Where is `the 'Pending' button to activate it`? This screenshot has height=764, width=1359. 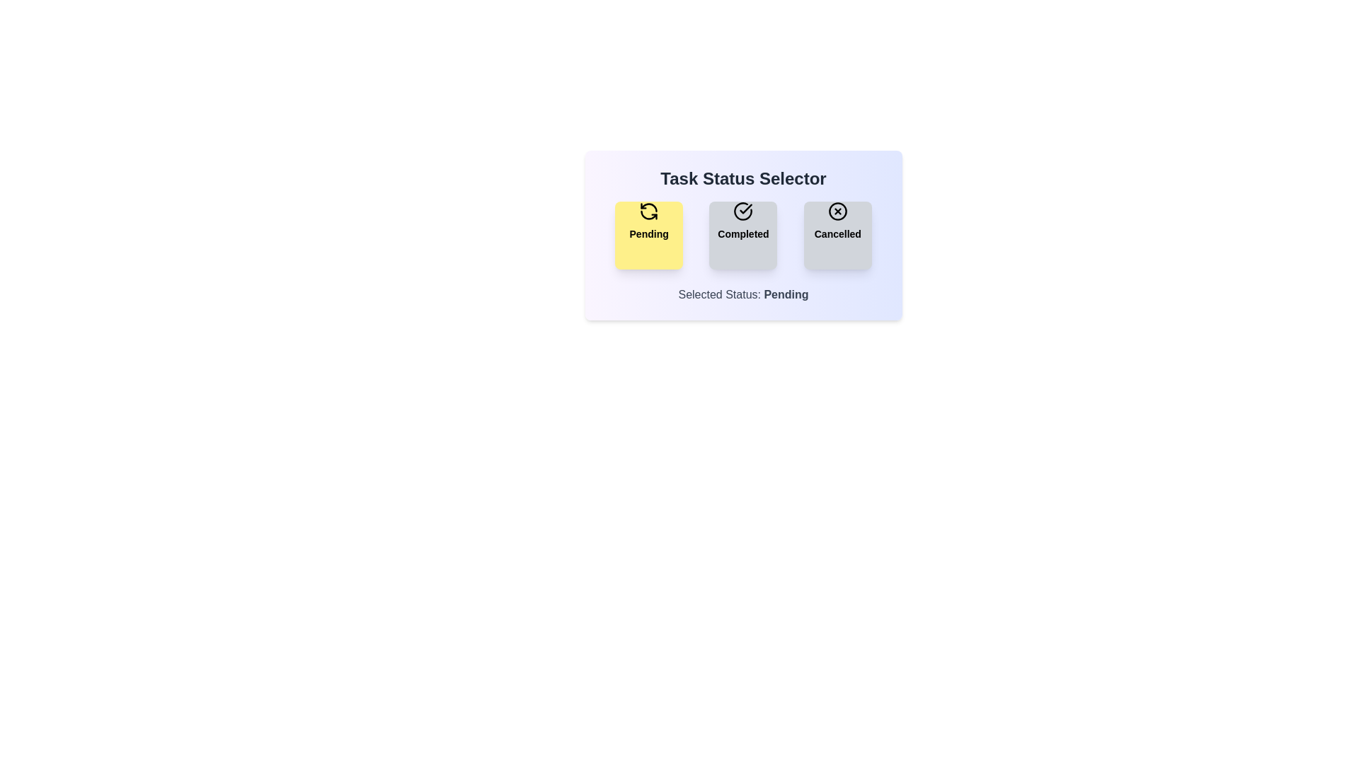
the 'Pending' button to activate it is located at coordinates (648, 234).